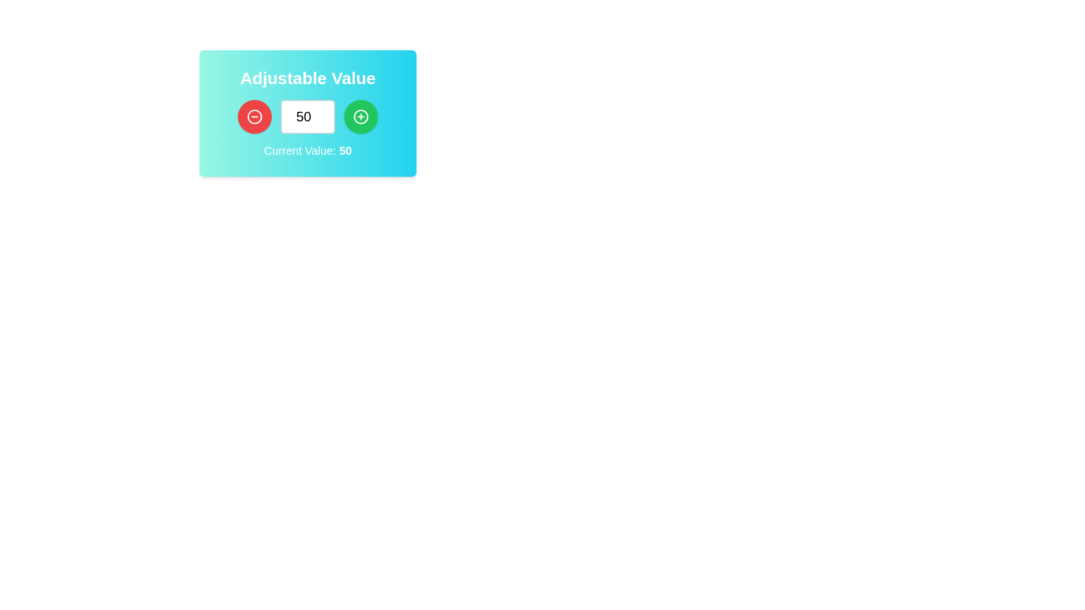  What do you see at coordinates (308, 117) in the screenshot?
I see `the numeric input field centered between the red minus button and the green plus button to focus the input field` at bounding box center [308, 117].